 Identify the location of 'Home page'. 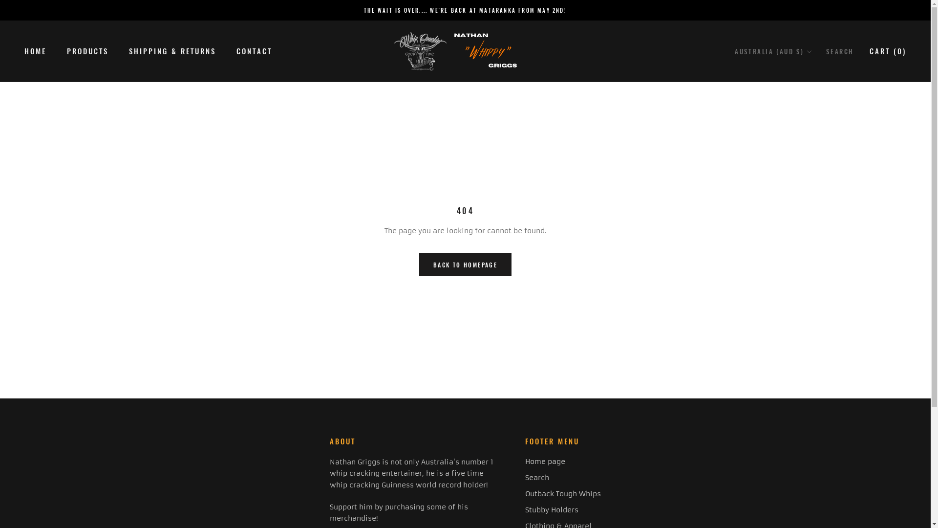
(563, 462).